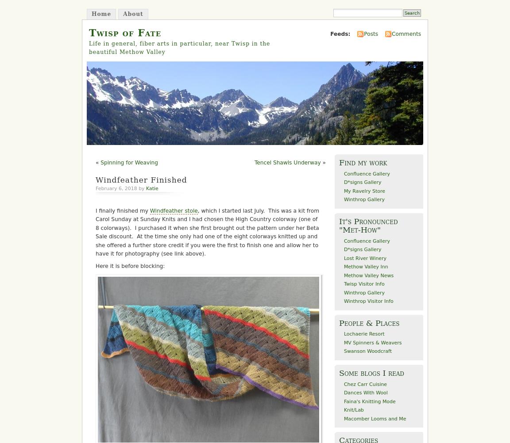 This screenshot has height=443, width=510. Describe the element at coordinates (340, 33) in the screenshot. I see `'Feeds:'` at that location.